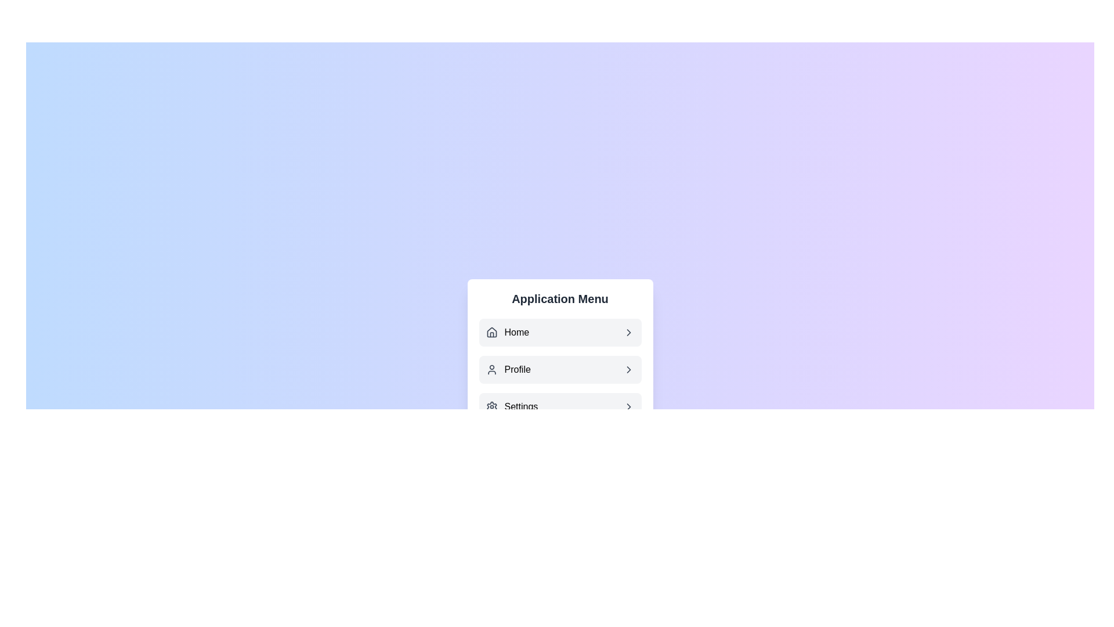 Image resolution: width=1114 pixels, height=627 pixels. What do you see at coordinates (516, 333) in the screenshot?
I see `the 'Home' text label or hyperlink in the Application Menu section` at bounding box center [516, 333].